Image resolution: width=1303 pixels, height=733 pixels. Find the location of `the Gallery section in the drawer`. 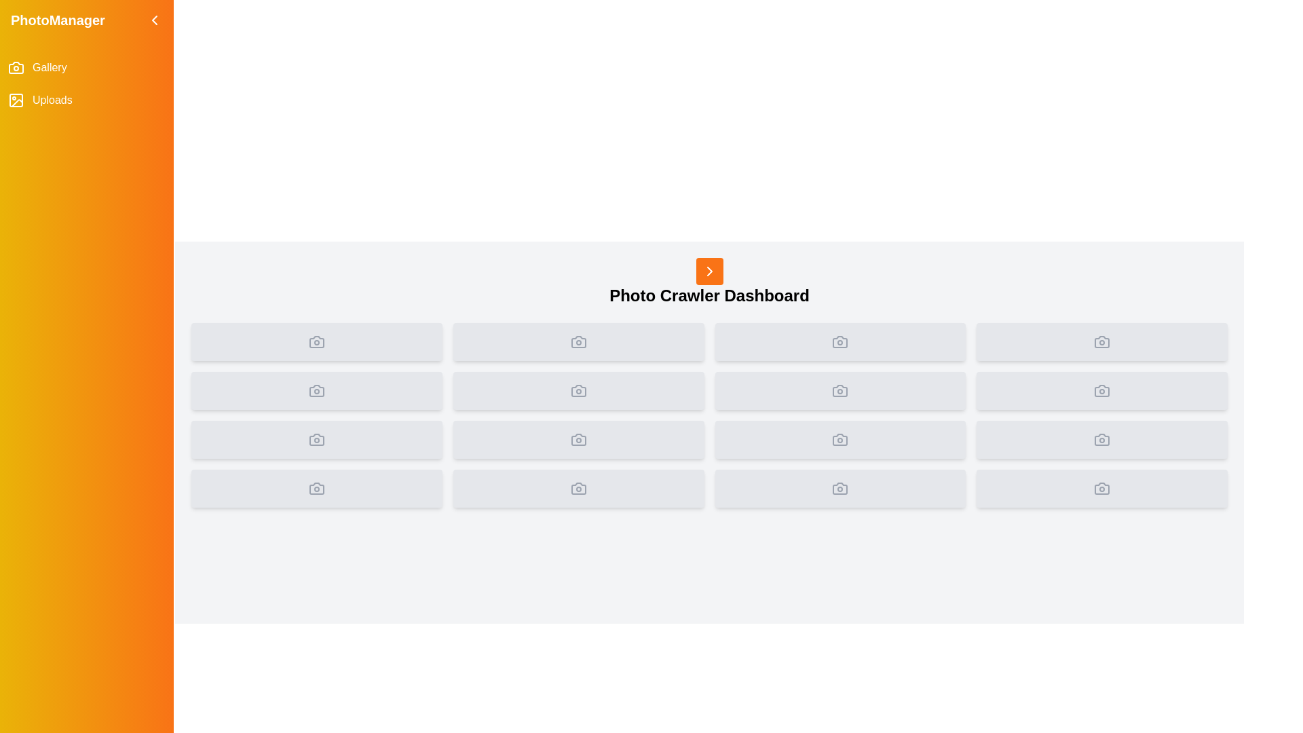

the Gallery section in the drawer is located at coordinates (86, 68).